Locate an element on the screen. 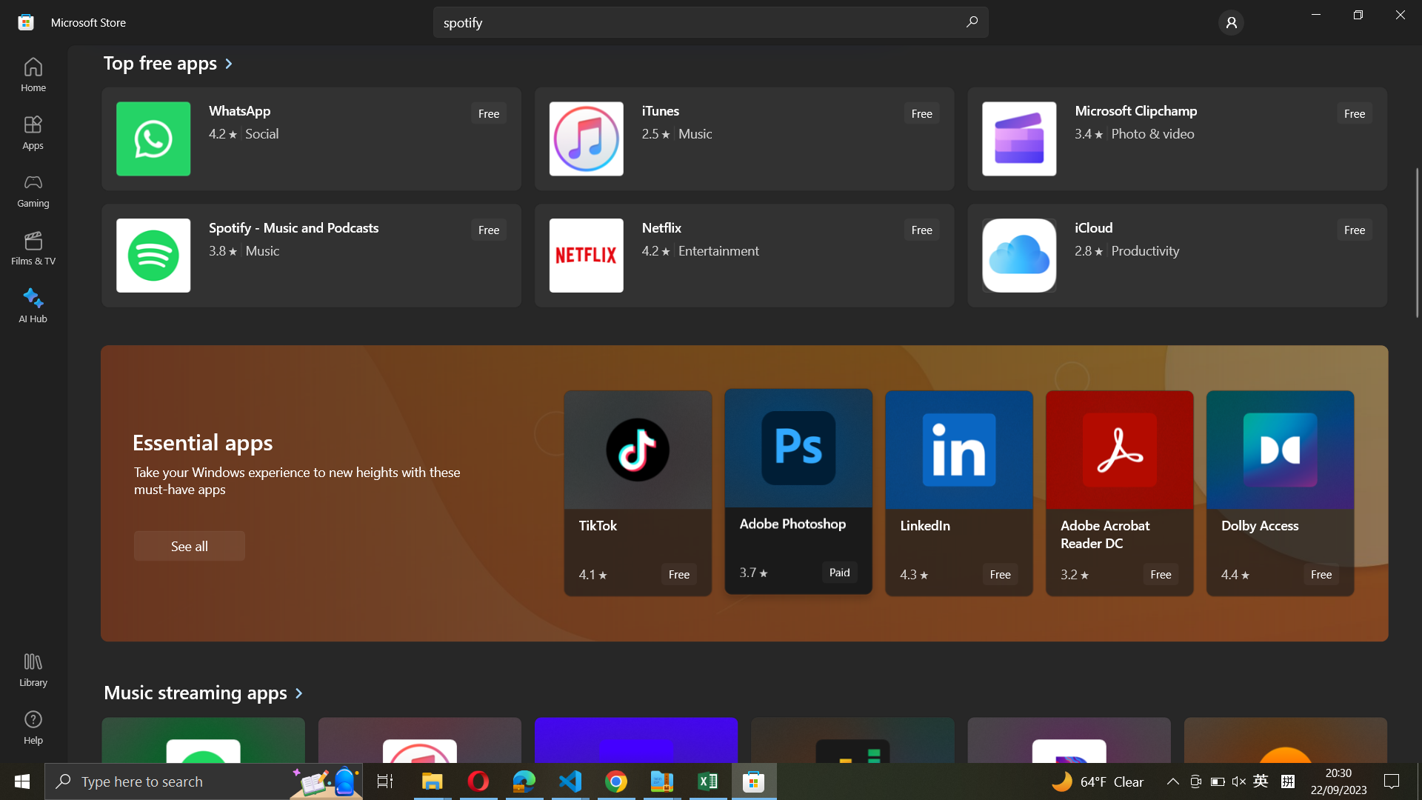  Help Menu is located at coordinates (33, 726).